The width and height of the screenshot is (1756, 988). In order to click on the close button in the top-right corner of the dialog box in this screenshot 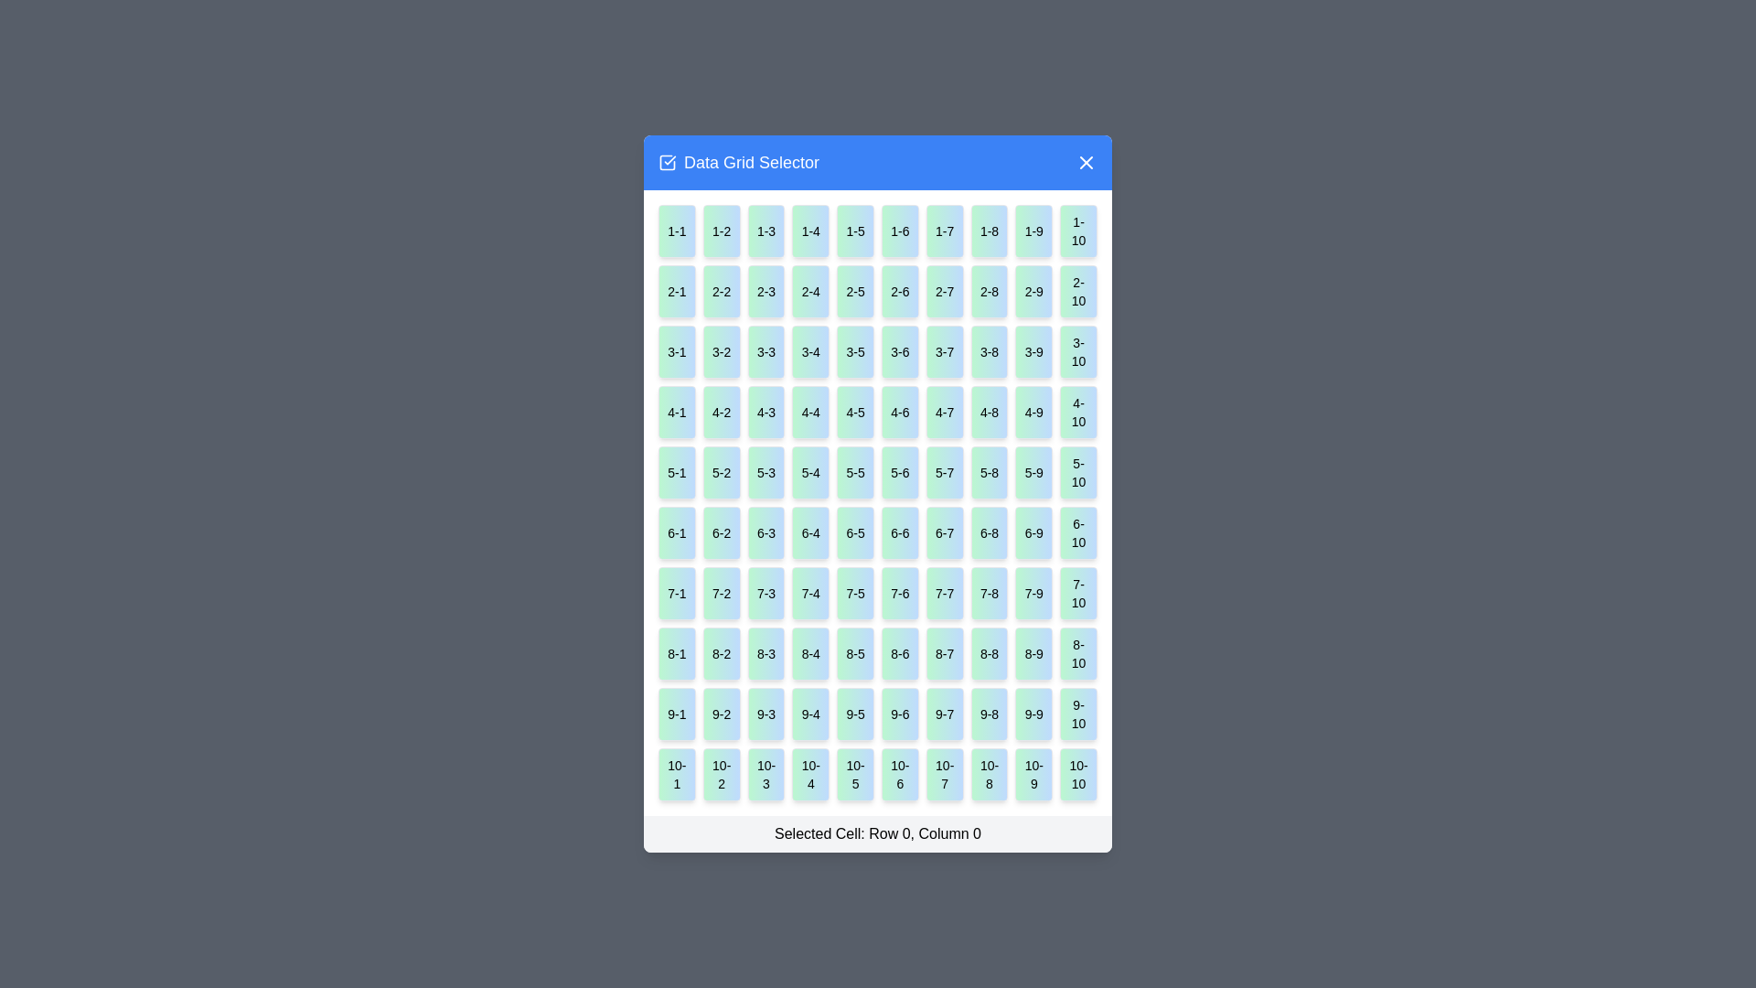, I will do `click(1087, 161)`.